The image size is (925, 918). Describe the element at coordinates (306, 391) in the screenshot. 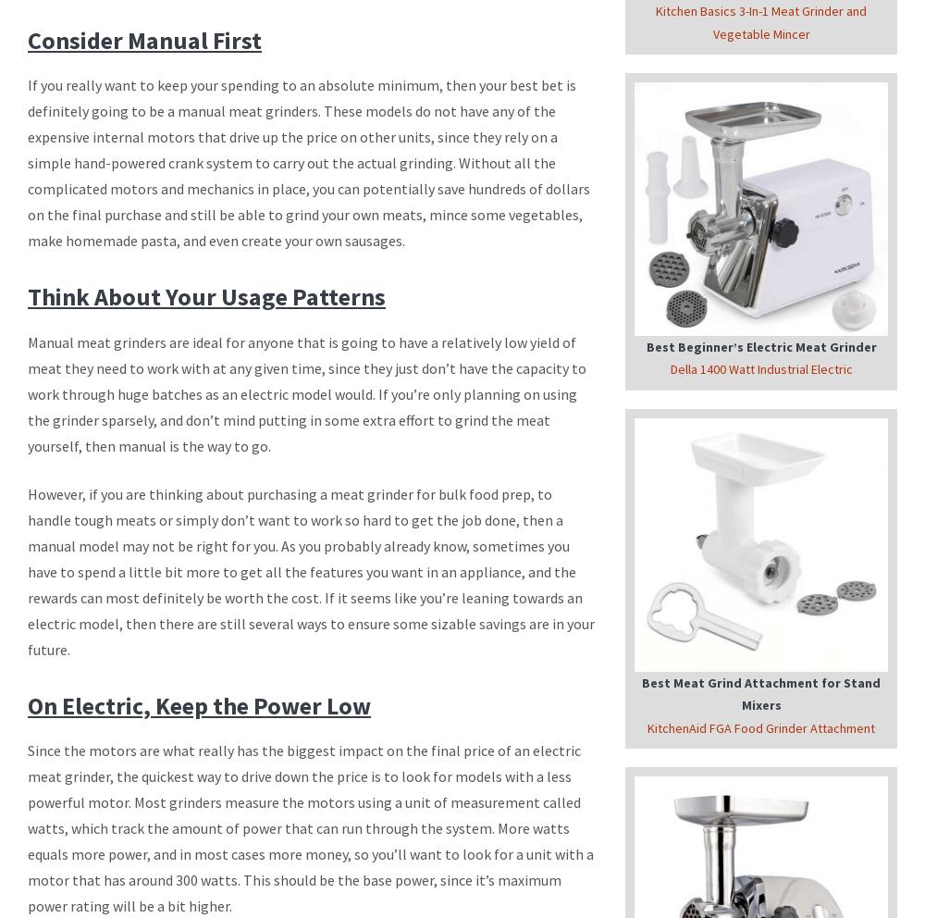

I see `'Manual meat grinders are ideal for anyone that is going to have a relatively low yield of meat they need to work with at any given time, since they just don’t have the capacity to work through huge batches as an electric model would. If you’re only planning on using the grinder sparsely, and don’t mind putting in some extra effort to grind the meat yourself, then manual is the way to go.'` at that location.